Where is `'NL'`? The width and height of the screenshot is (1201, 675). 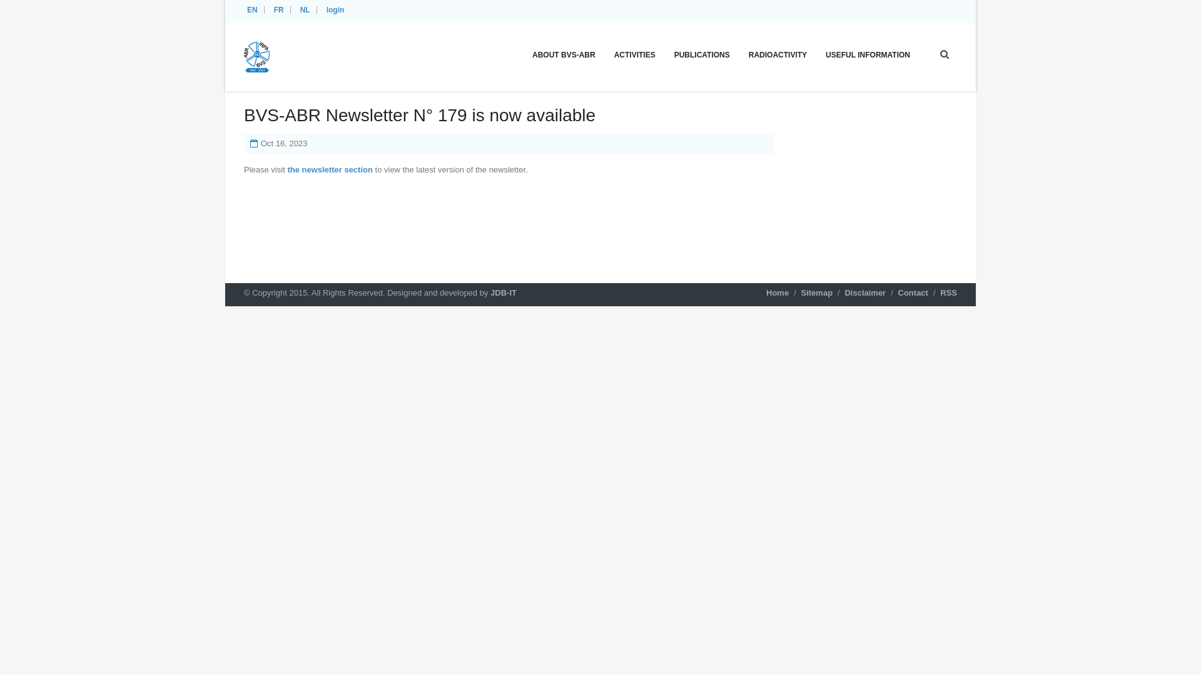 'NL' is located at coordinates (307, 9).